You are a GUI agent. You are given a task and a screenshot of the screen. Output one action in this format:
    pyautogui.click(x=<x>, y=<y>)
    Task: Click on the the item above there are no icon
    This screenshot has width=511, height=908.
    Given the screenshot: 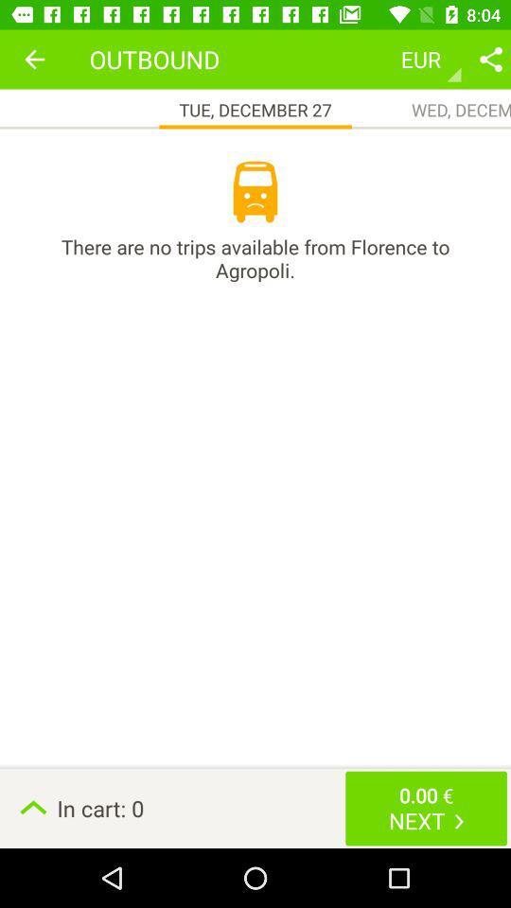 What is the action you would take?
    pyautogui.click(x=34, y=59)
    